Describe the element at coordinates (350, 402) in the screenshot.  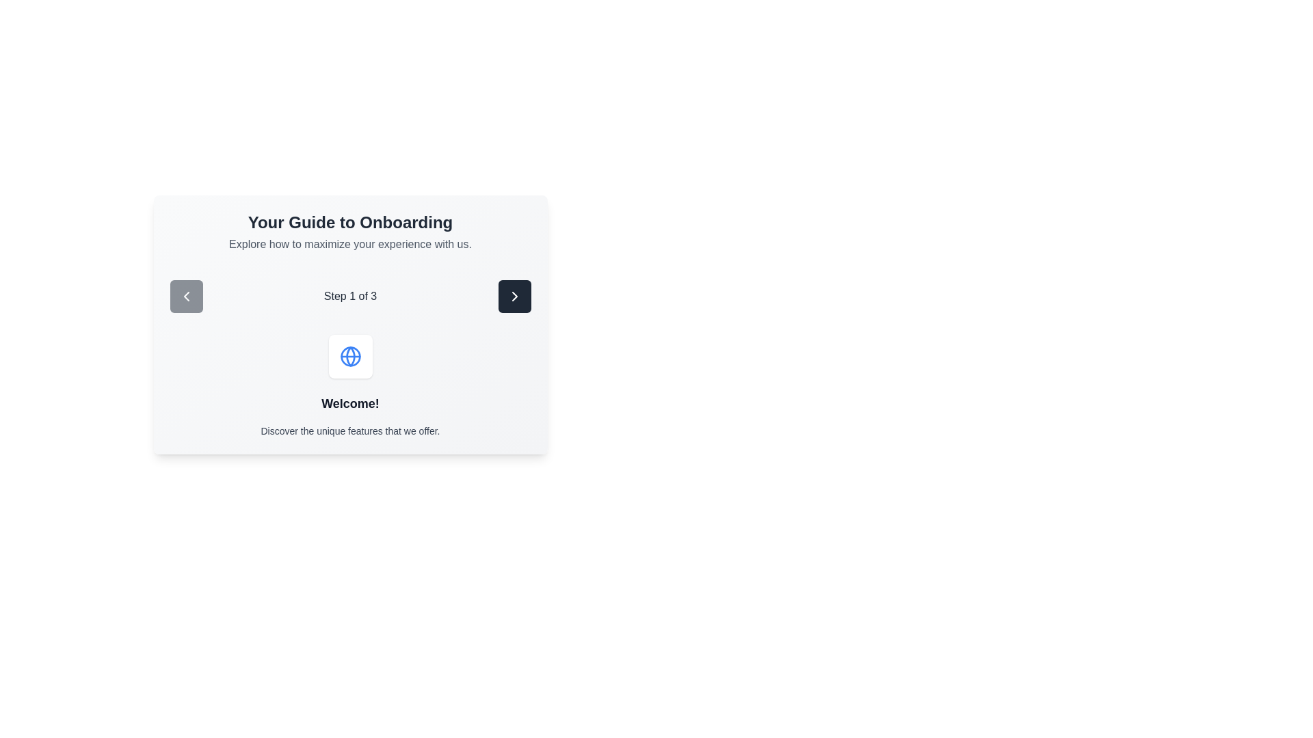
I see `the welcome Text Label that provides introductory information in the onboarding process, located above the 'Discover the unique features that we offer.' text element` at that location.